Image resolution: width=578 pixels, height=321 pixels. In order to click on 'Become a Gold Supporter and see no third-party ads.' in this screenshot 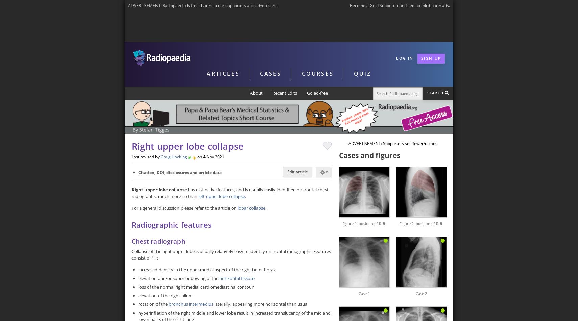, I will do `click(399, 5)`.